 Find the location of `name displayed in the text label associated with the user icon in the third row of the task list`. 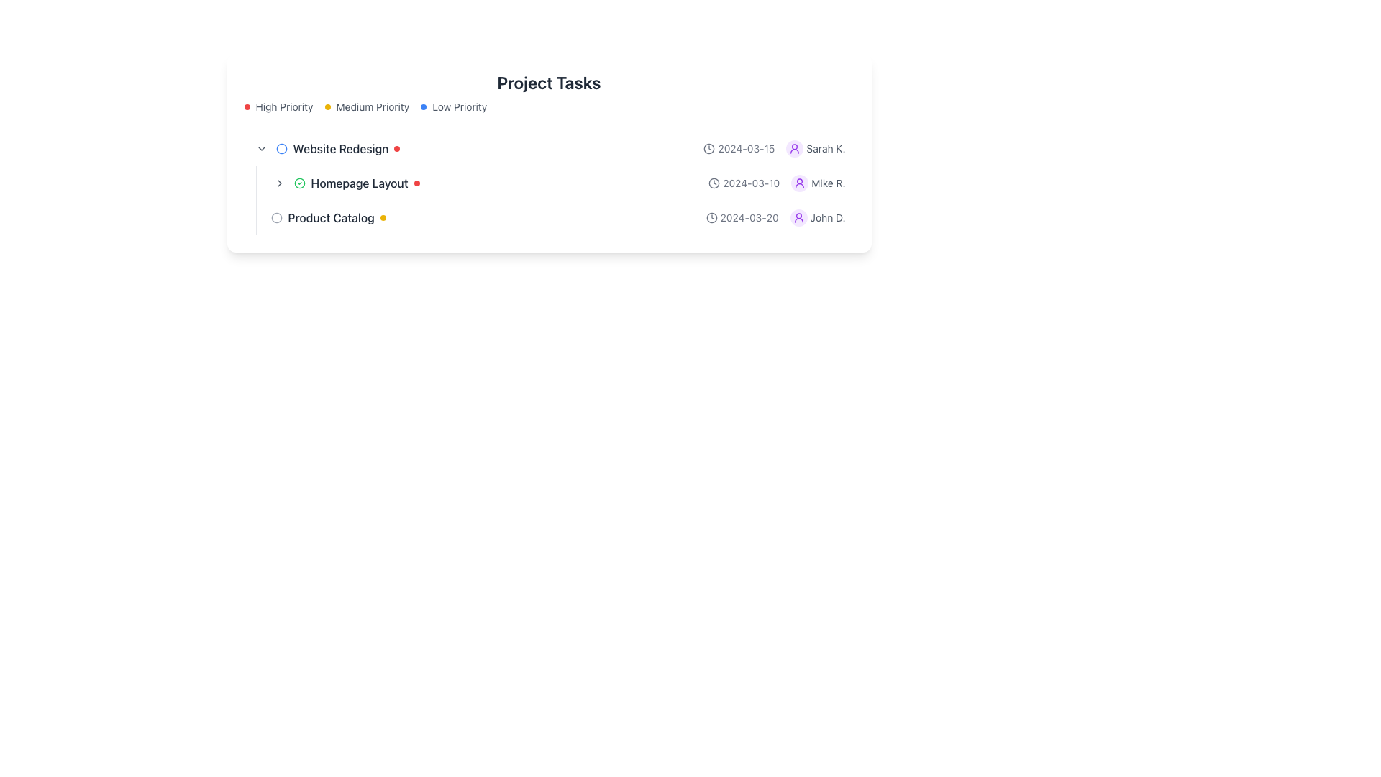

name displayed in the text label associated with the user icon in the third row of the task list is located at coordinates (826, 149).